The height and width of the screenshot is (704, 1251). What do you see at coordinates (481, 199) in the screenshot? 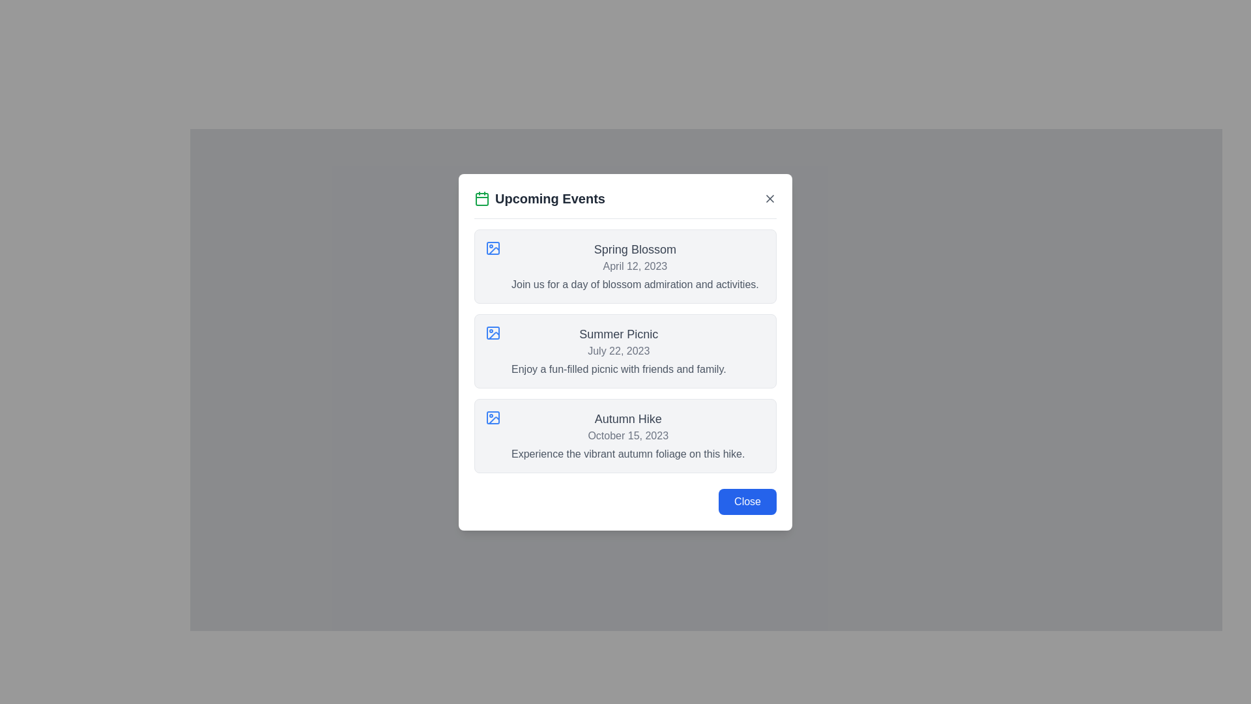
I see `the green-colored rectangle with rounded corners that represents the main body of the calendar icon, located to the left of the text 'Upcoming Events' in the header of the modal dialog` at bounding box center [481, 199].